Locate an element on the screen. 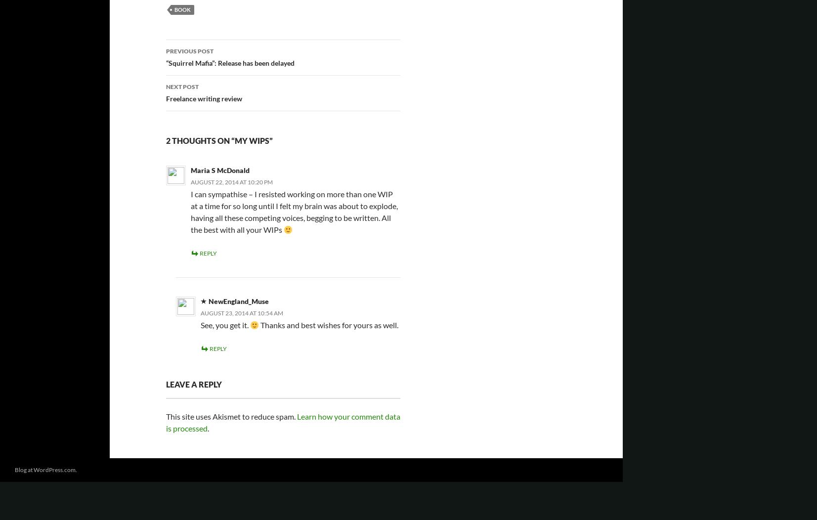 This screenshot has width=817, height=520. 'Freelance writing review' is located at coordinates (166, 98).